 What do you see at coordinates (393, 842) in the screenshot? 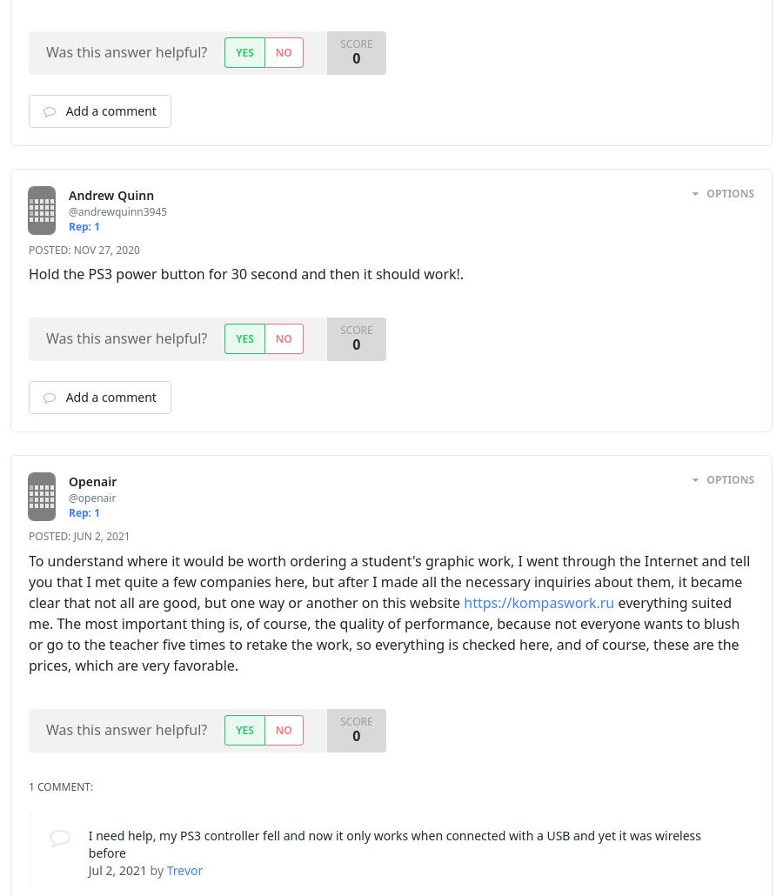
I see `'I need help, my PS3 controller fell and now it only works when connected with a USB and yet it was wireless before'` at bounding box center [393, 842].